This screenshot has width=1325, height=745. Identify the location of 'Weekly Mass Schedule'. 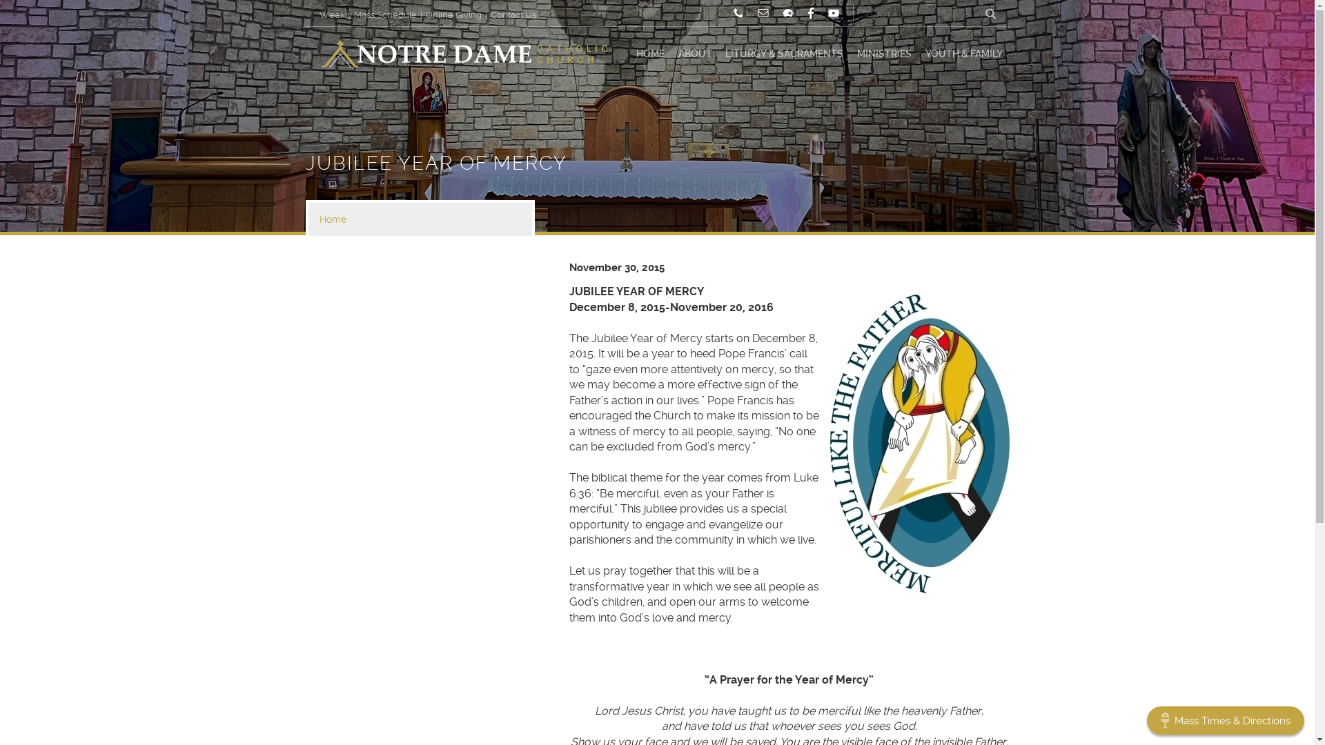
(369, 15).